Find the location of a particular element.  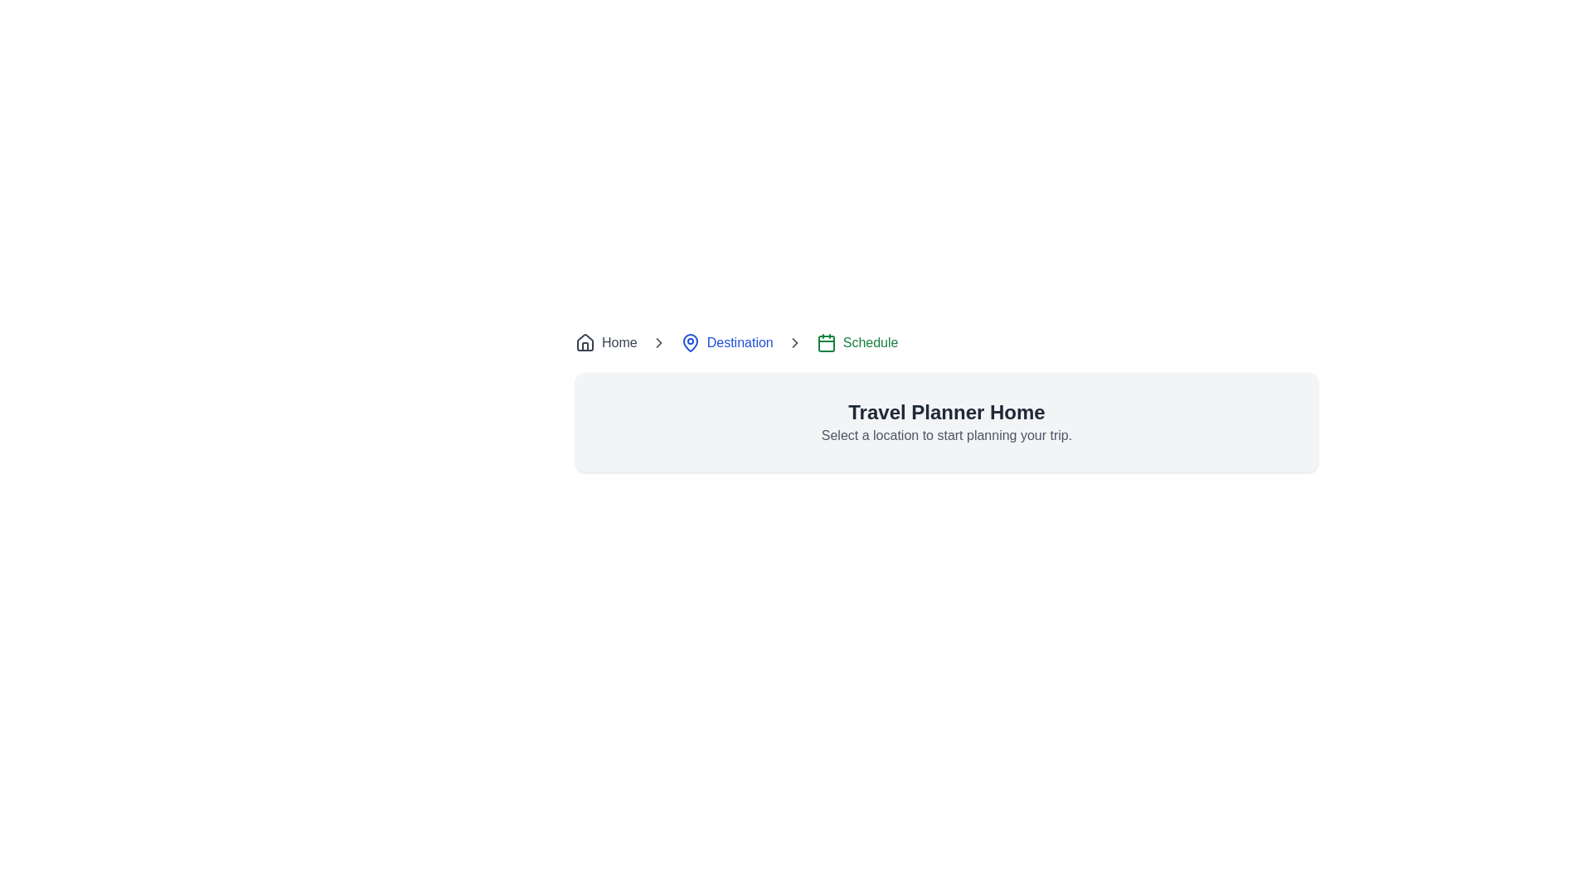

the non-interactive green outlined calendar icon in the breadcrumb navigation bar, which is positioned to the immediate left of the 'Schedule' text is located at coordinates (826, 341).